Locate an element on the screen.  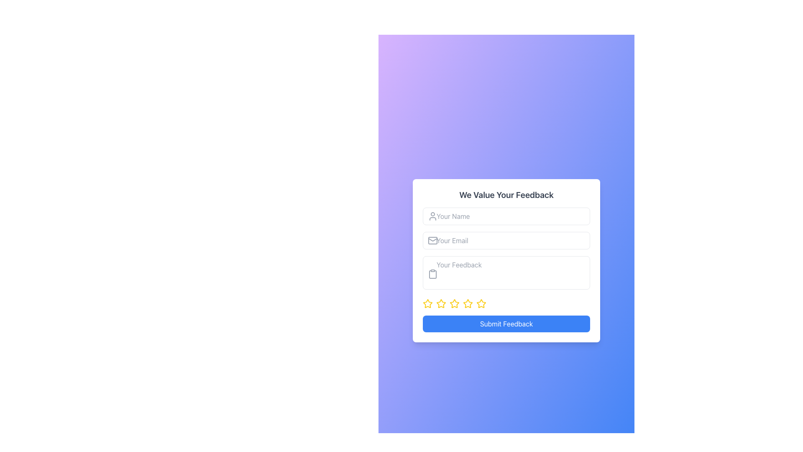
the email icon that visually indicates the associated text field for entering an email address, located to the left of the email input field in the feedback form is located at coordinates (433, 240).